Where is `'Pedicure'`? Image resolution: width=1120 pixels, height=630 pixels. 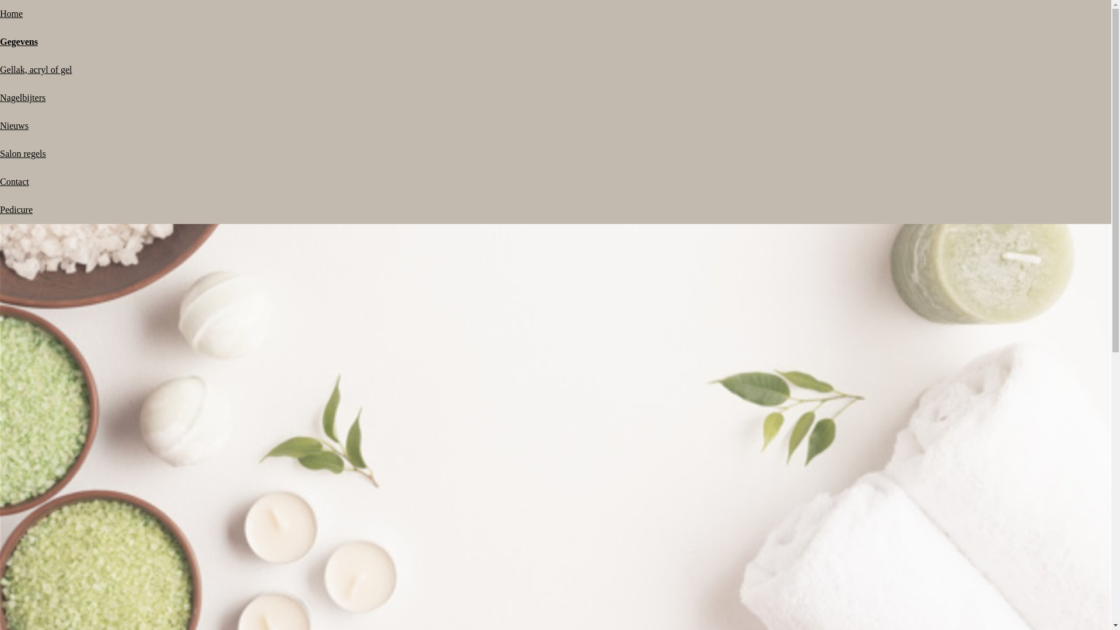 'Pedicure' is located at coordinates (16, 209).